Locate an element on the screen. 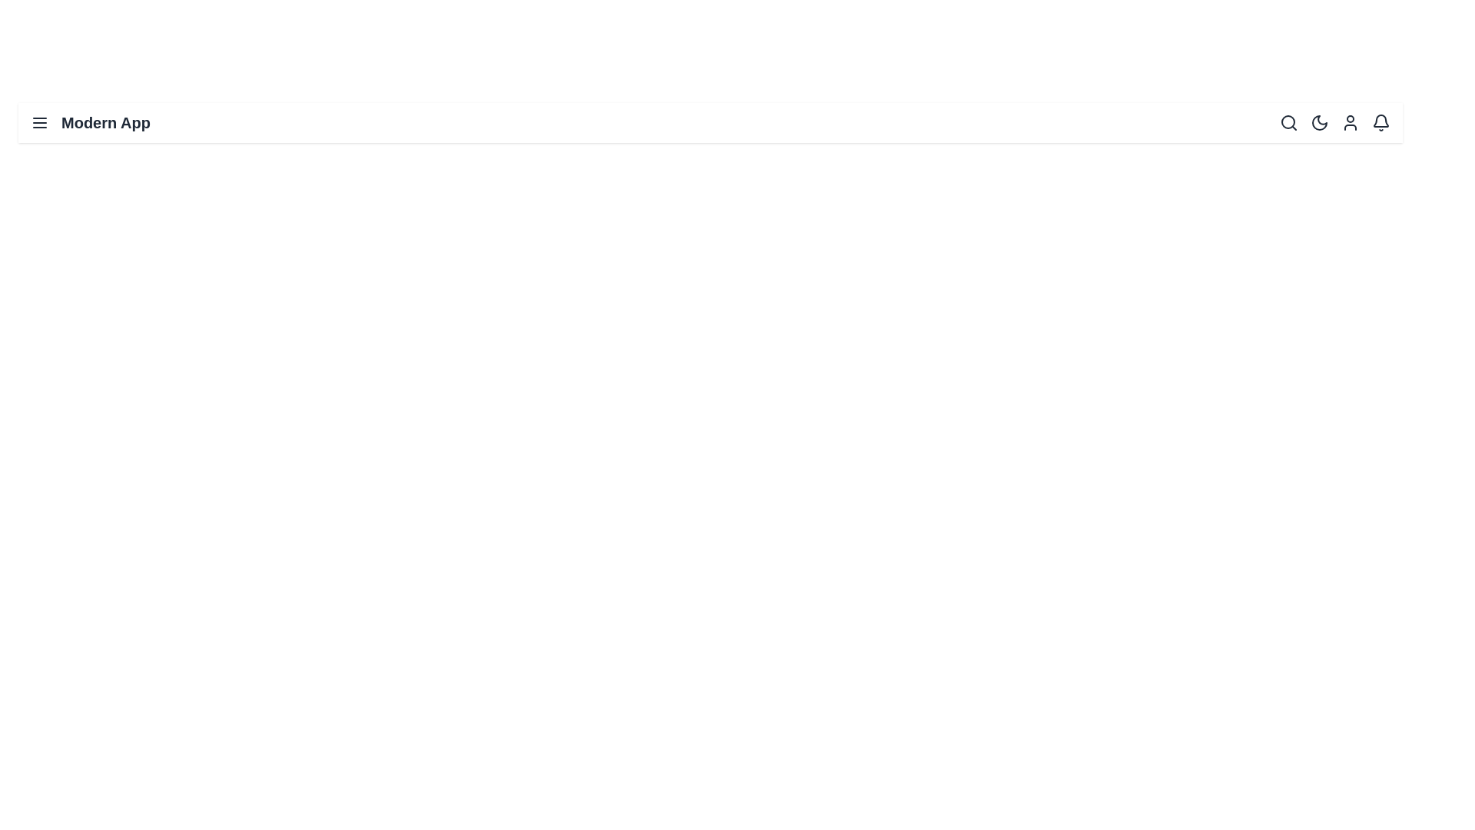 The height and width of the screenshot is (830, 1475). the bell icon to check notifications is located at coordinates (1381, 121).